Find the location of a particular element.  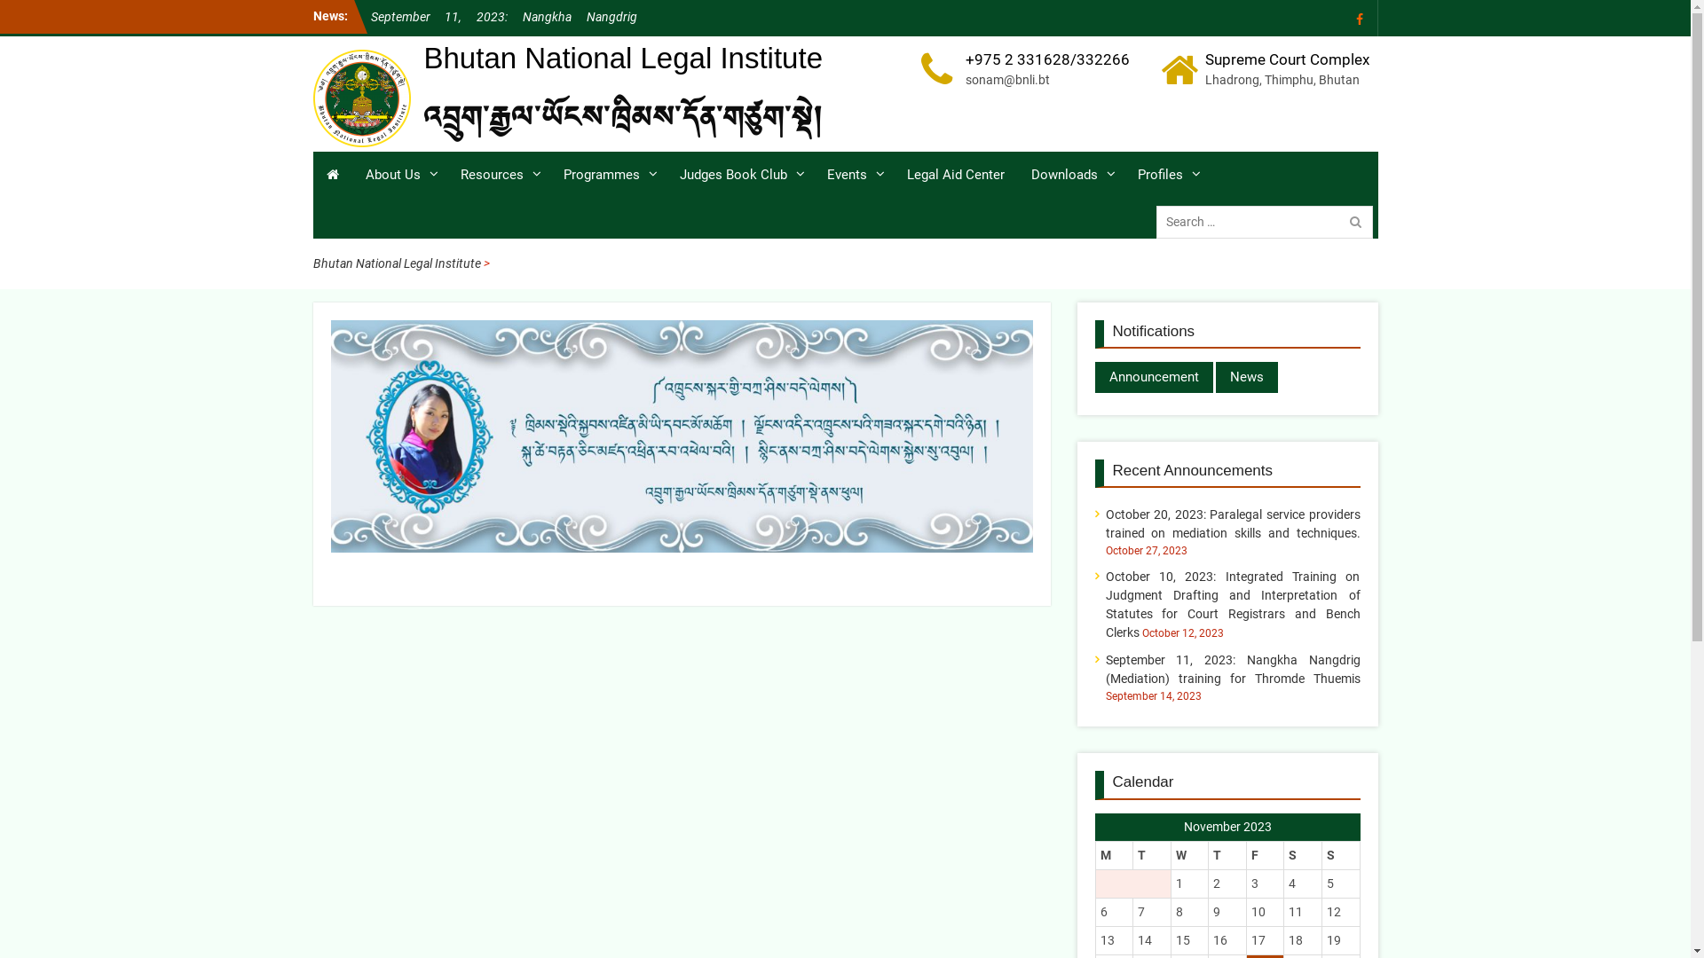

'Facebook' is located at coordinates (1359, 18).